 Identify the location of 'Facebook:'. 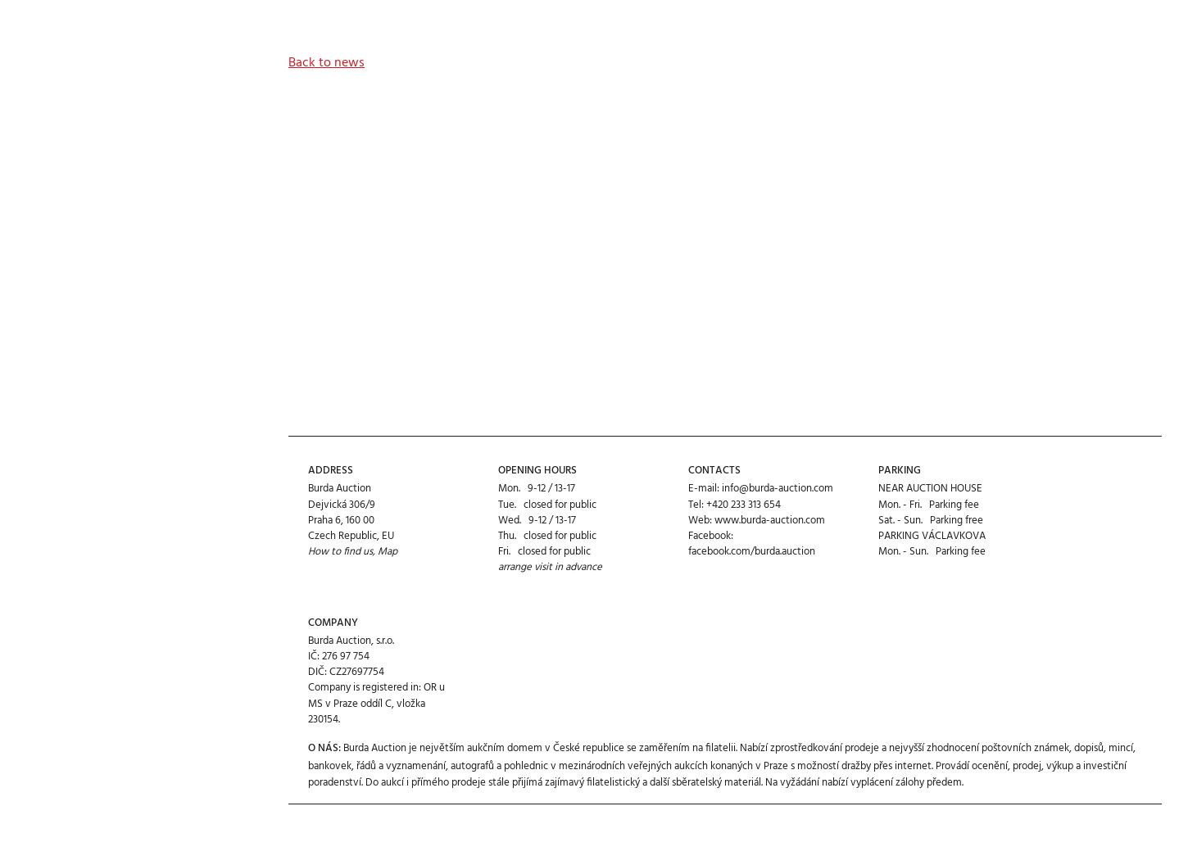
(710, 475).